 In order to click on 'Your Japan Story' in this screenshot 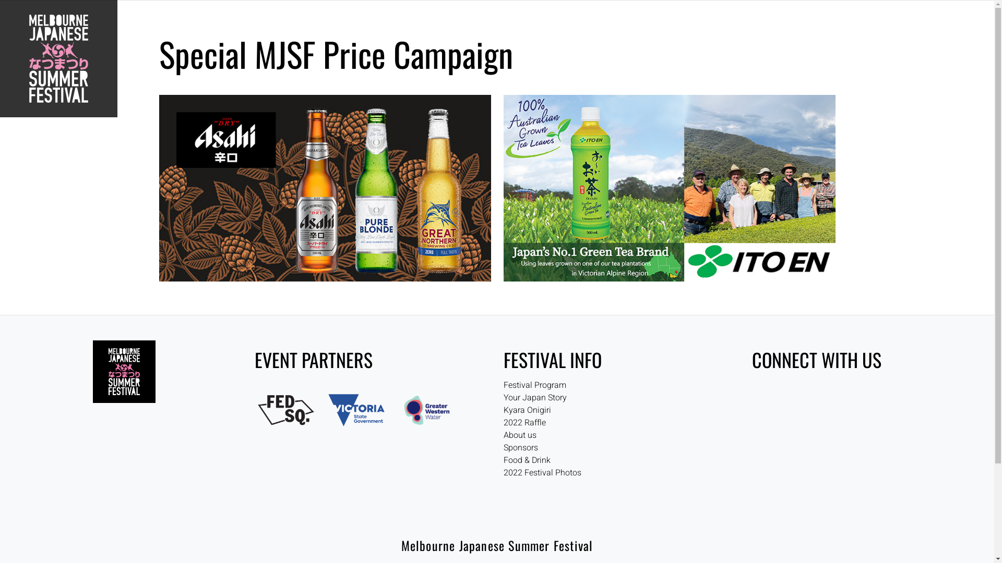, I will do `click(503, 398)`.